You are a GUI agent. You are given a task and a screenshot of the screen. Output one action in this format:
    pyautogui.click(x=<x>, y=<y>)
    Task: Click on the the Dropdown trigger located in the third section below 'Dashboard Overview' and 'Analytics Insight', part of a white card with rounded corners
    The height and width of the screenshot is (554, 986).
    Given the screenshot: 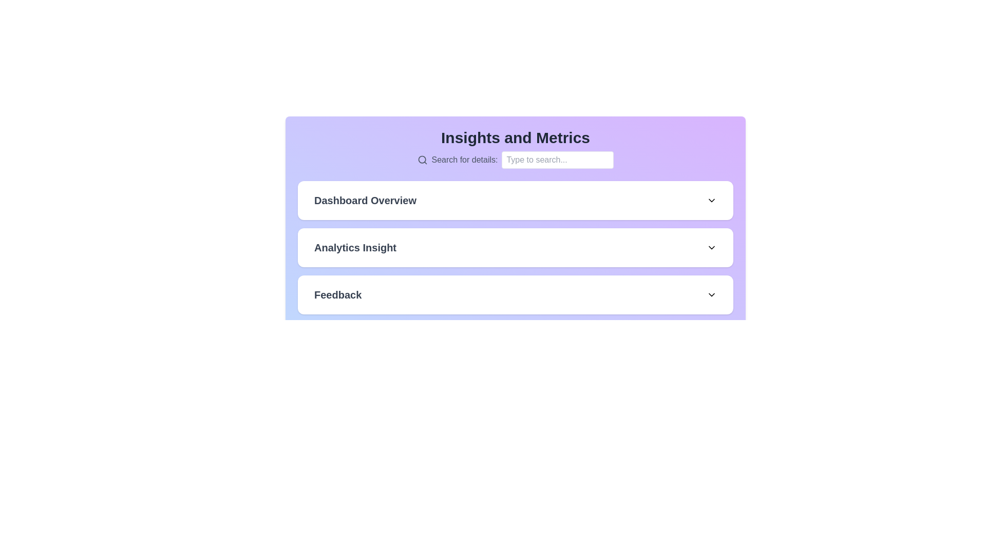 What is the action you would take?
    pyautogui.click(x=515, y=294)
    